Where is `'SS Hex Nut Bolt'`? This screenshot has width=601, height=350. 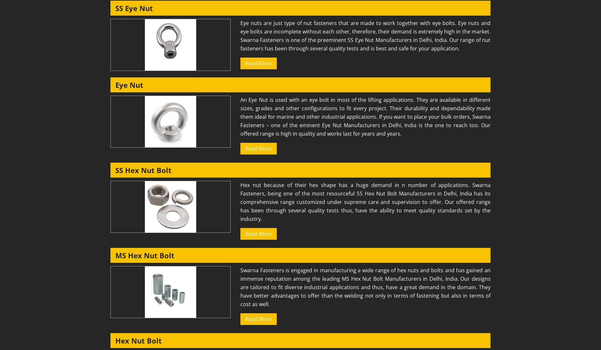
'SS Hex Nut Bolt' is located at coordinates (143, 170).